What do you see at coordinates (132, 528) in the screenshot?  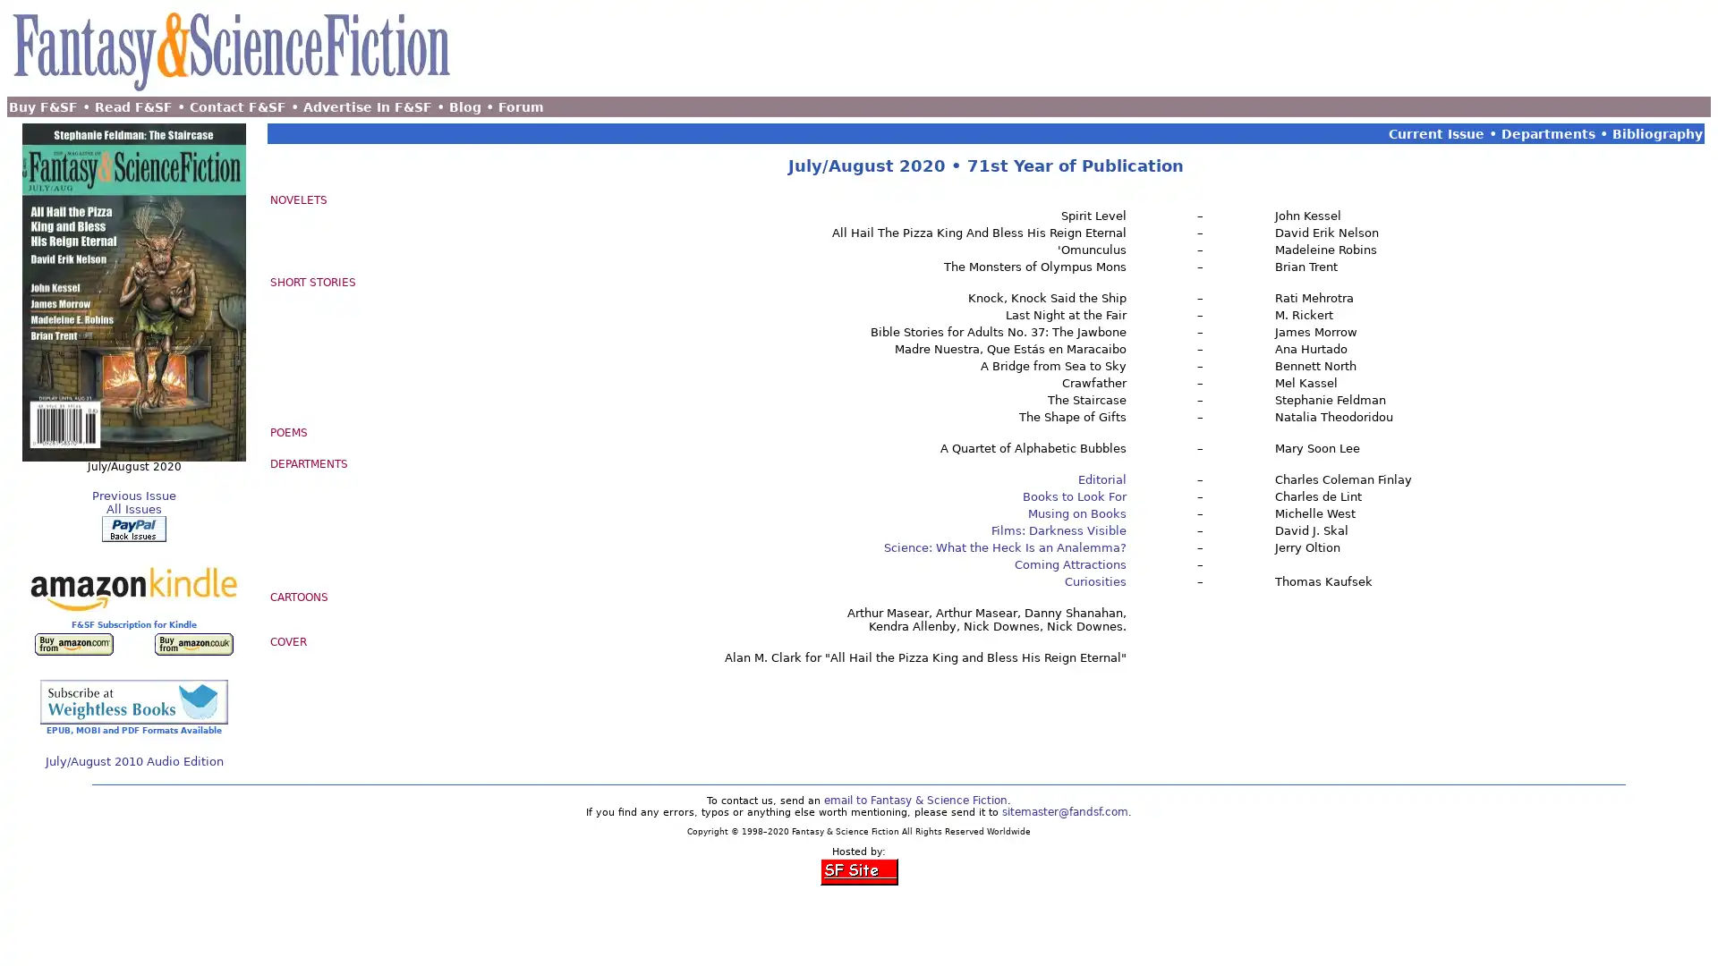 I see `$8.99 - July/August 2020 issue of The Magazine of Fantasy & Science Fiction + $2.00 - Postage` at bounding box center [132, 528].